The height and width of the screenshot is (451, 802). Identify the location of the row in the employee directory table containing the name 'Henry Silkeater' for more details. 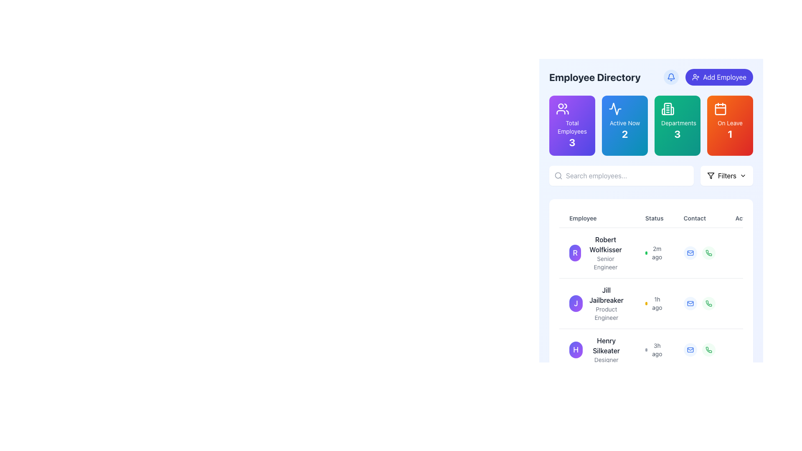
(662, 350).